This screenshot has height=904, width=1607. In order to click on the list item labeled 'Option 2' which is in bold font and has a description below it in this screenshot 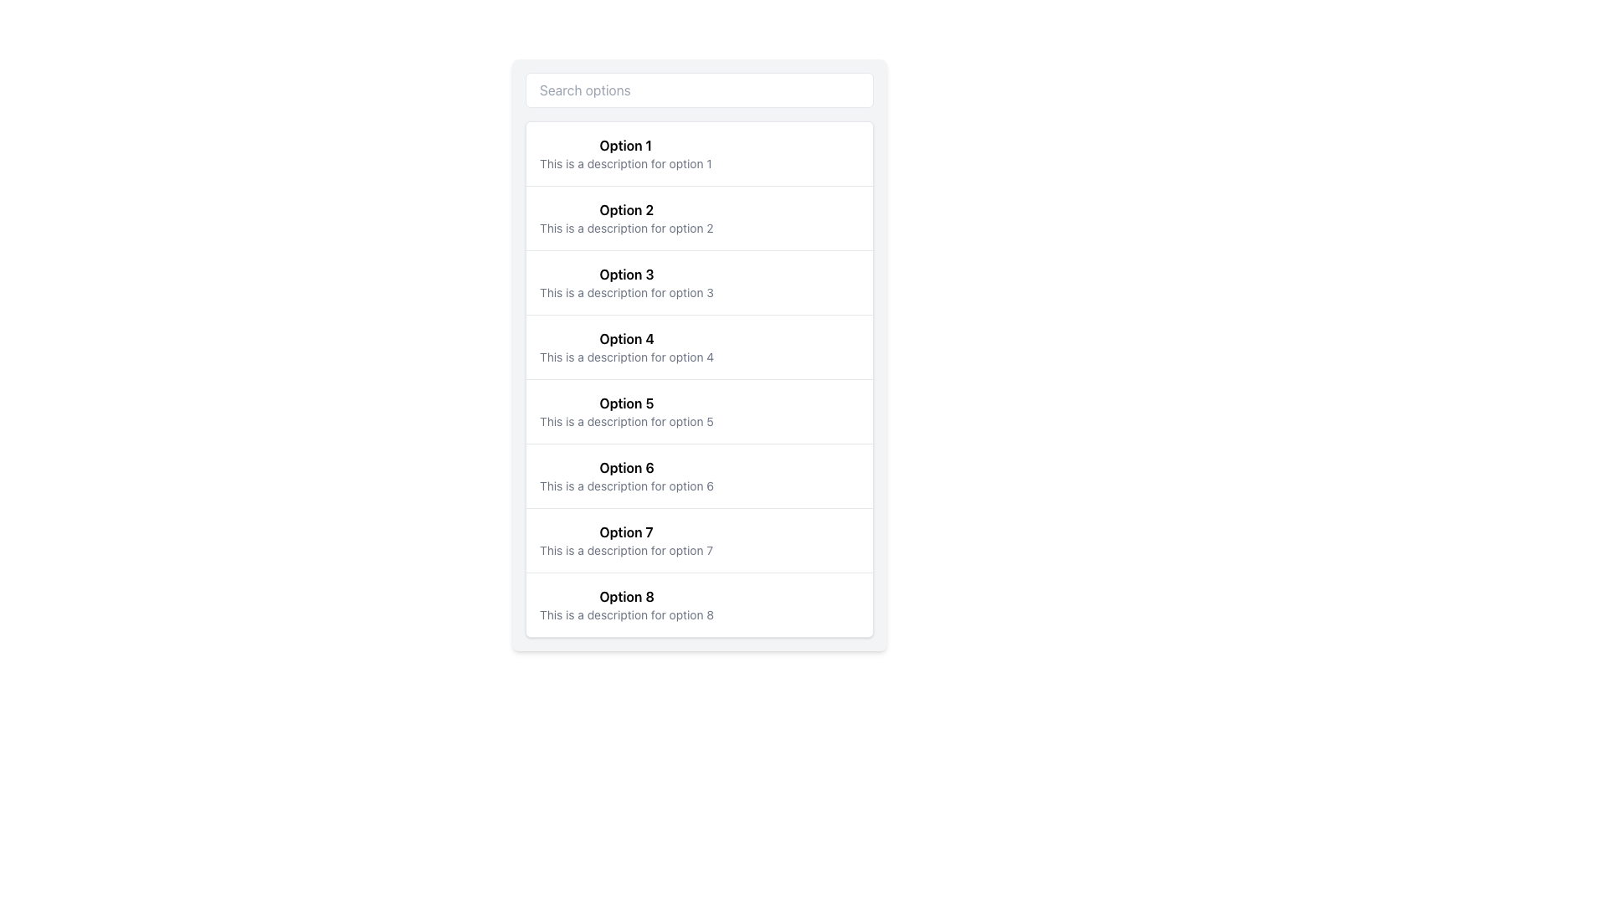, I will do `click(699, 217)`.